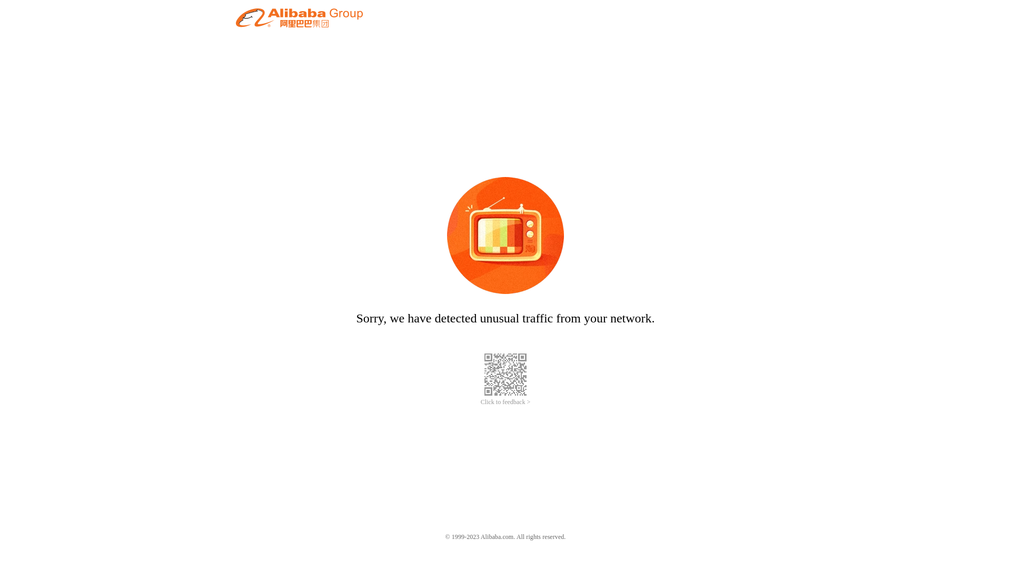  What do you see at coordinates (506, 402) in the screenshot?
I see `'Click to feedback >'` at bounding box center [506, 402].